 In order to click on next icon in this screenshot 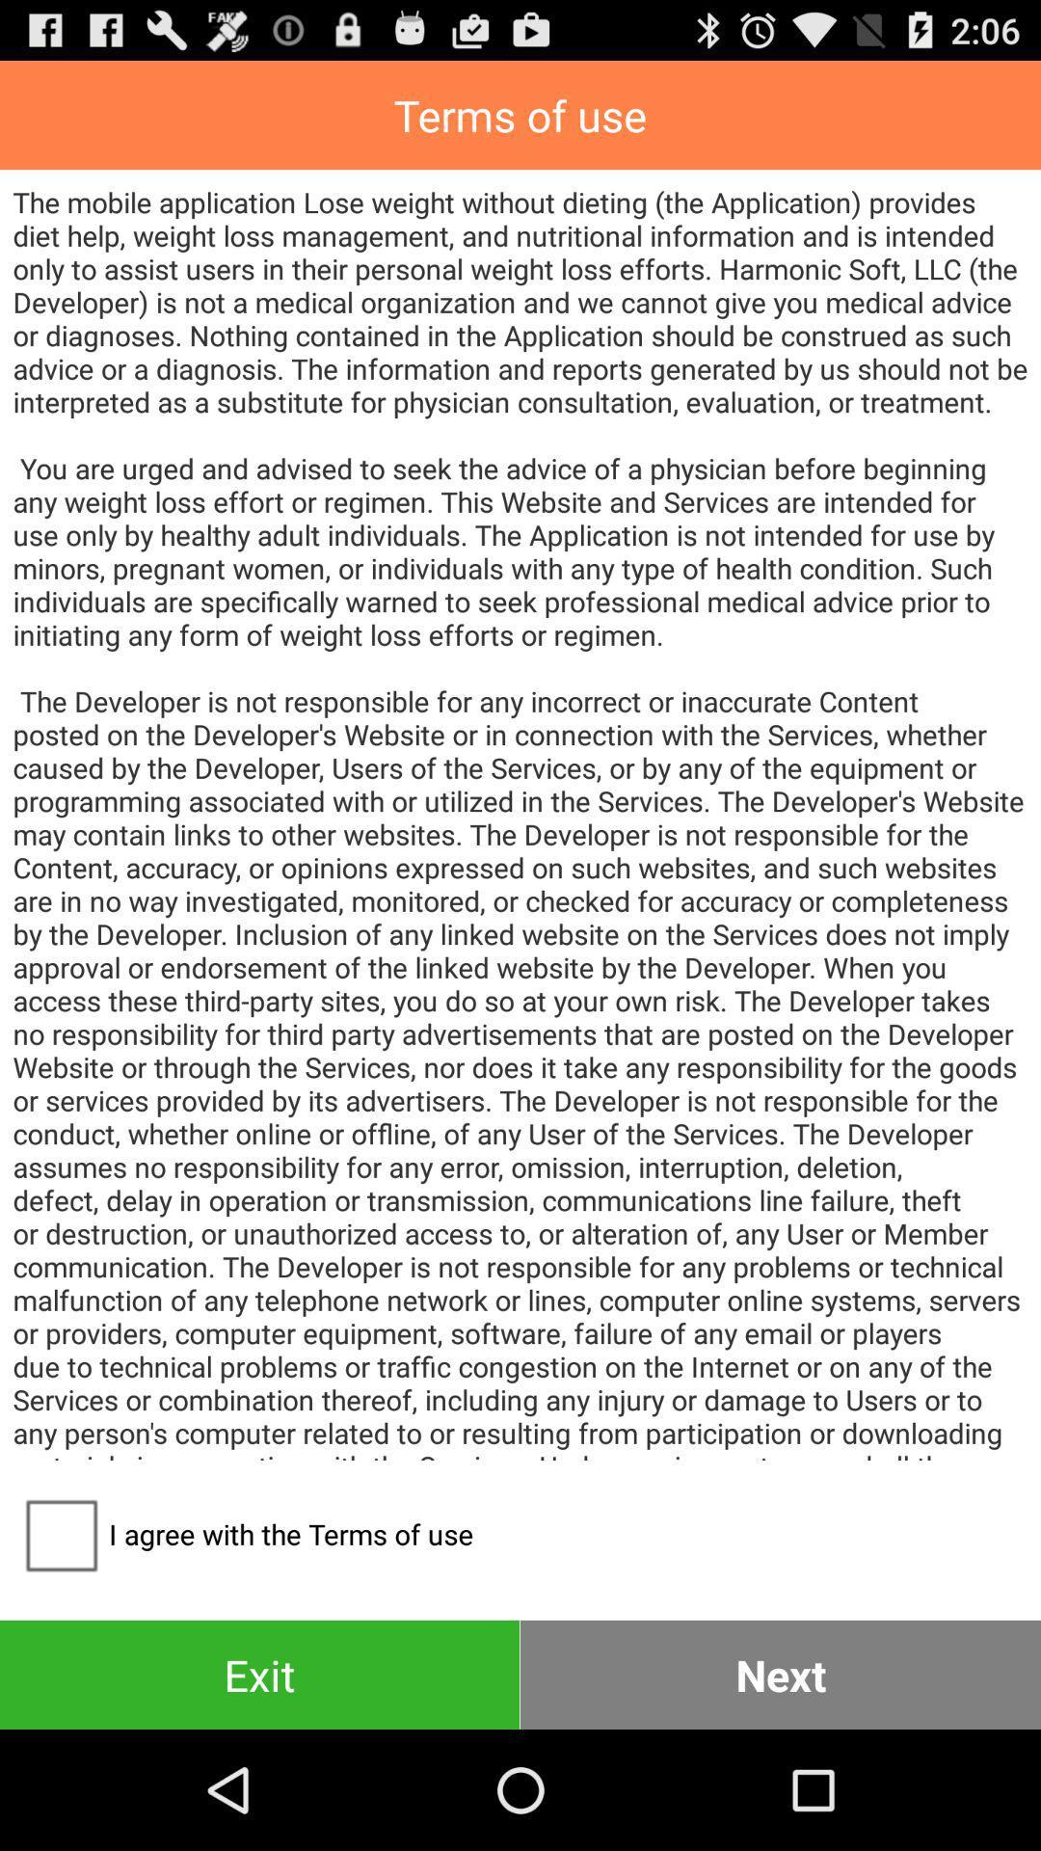, I will do `click(781, 1674)`.